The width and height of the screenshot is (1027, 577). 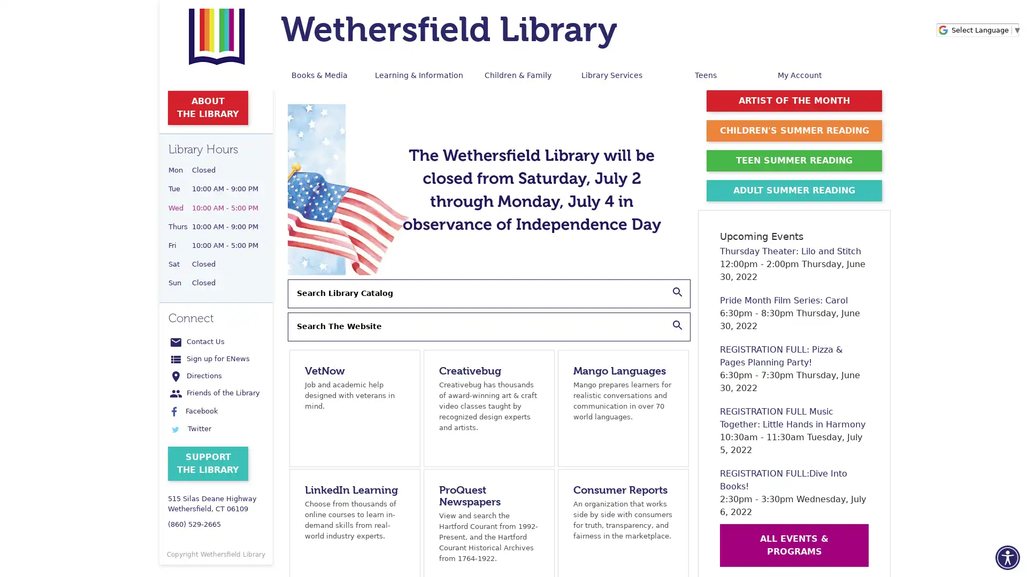 I want to click on SUPPORT THE LIBRARY, so click(x=208, y=463).